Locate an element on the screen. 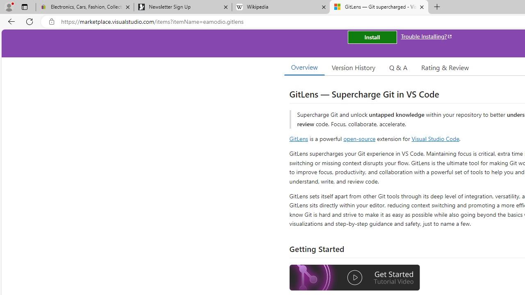 Image resolution: width=525 pixels, height=295 pixels. 'Version History' is located at coordinates (354, 67).